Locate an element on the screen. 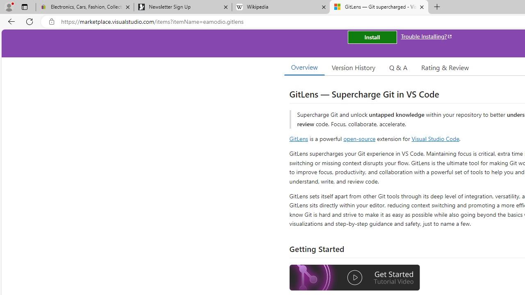 Image resolution: width=525 pixels, height=295 pixels. 'Version History' is located at coordinates (354, 67).